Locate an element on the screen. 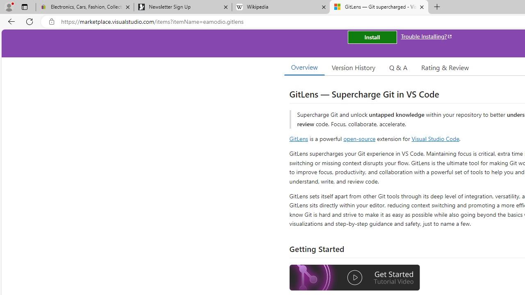 Image resolution: width=525 pixels, height=295 pixels. 'Version History' is located at coordinates (354, 67).